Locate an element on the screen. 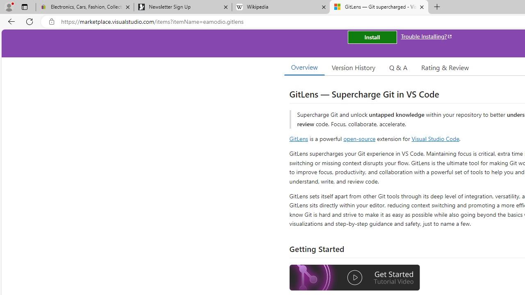 Image resolution: width=525 pixels, height=295 pixels. 'Version History' is located at coordinates (354, 67).